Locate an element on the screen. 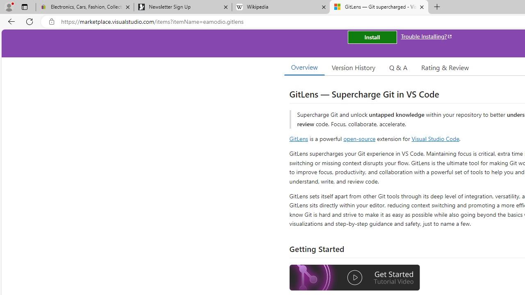 Image resolution: width=525 pixels, height=295 pixels. 'Version History' is located at coordinates (354, 67).